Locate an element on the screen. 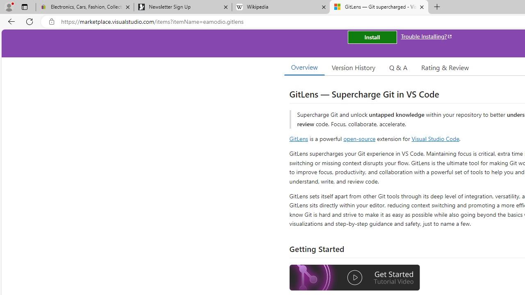 Image resolution: width=525 pixels, height=295 pixels. 'Version History' is located at coordinates (354, 67).